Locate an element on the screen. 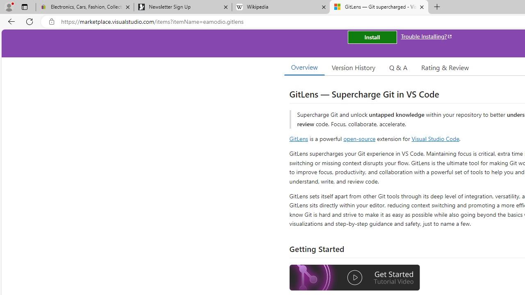 Image resolution: width=525 pixels, height=295 pixels. 'Version History' is located at coordinates (354, 67).